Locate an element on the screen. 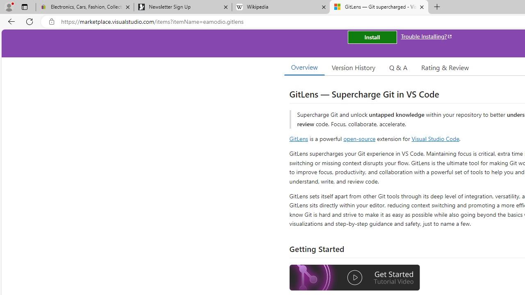 Image resolution: width=525 pixels, height=295 pixels. 'Version History' is located at coordinates (354, 67).